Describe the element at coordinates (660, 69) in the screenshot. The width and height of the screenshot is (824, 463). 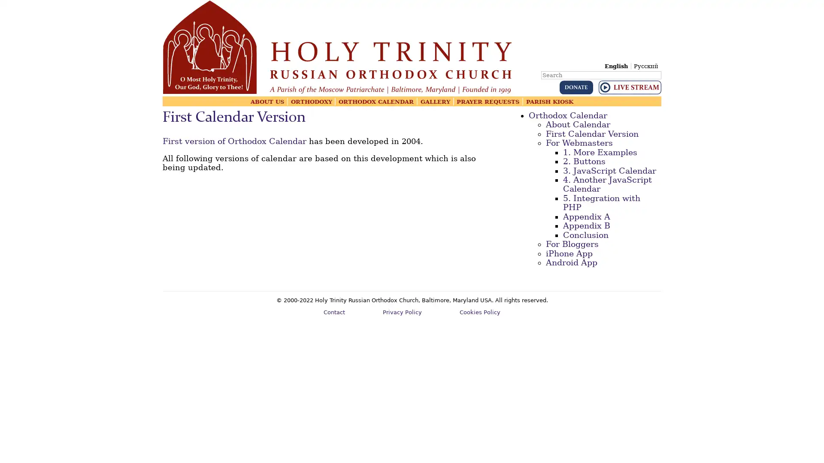
I see `Search` at that location.